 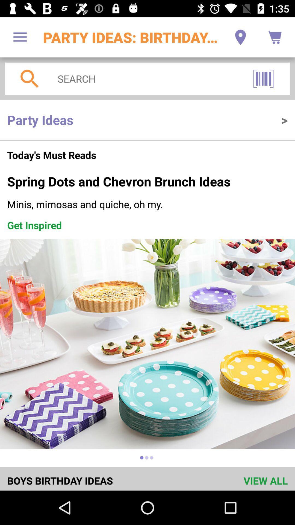 What do you see at coordinates (147, 204) in the screenshot?
I see `the icon above the get inspired item` at bounding box center [147, 204].